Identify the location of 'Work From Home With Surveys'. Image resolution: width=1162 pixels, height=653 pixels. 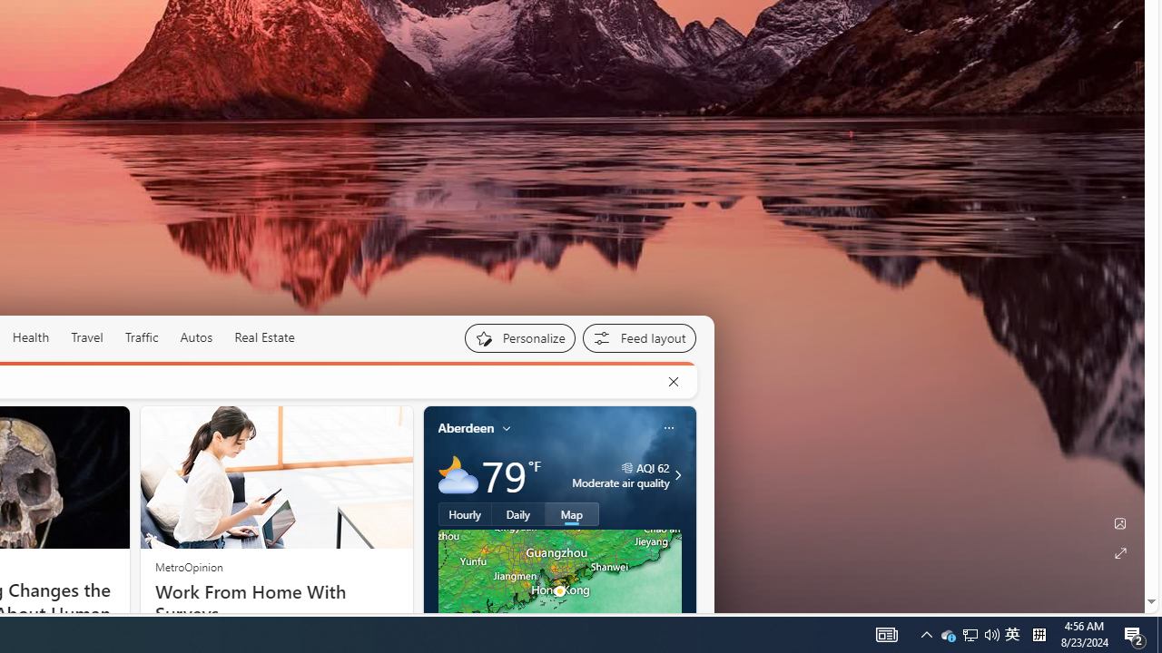
(275, 602).